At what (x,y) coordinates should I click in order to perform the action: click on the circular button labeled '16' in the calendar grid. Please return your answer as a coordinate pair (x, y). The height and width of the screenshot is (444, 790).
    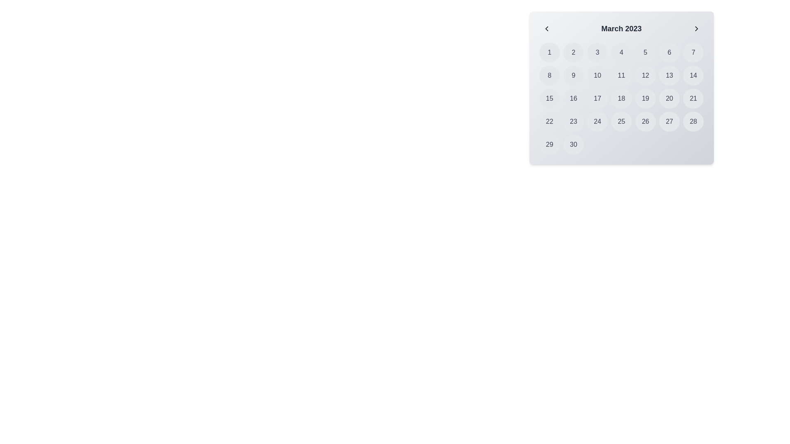
    Looking at the image, I should click on (572, 98).